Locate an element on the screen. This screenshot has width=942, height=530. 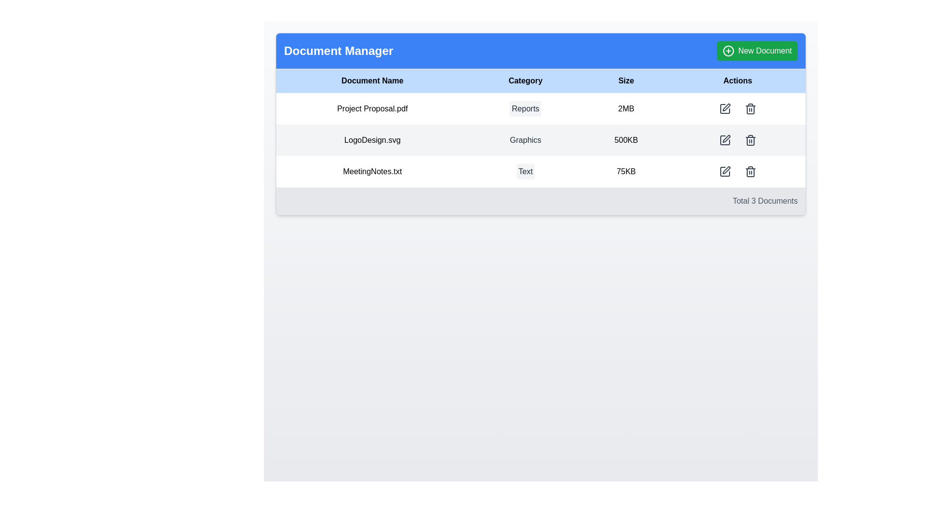
the pen-shaped icon button in the Actions column for the 'LogoDesign.svg' document is located at coordinates (726, 138).